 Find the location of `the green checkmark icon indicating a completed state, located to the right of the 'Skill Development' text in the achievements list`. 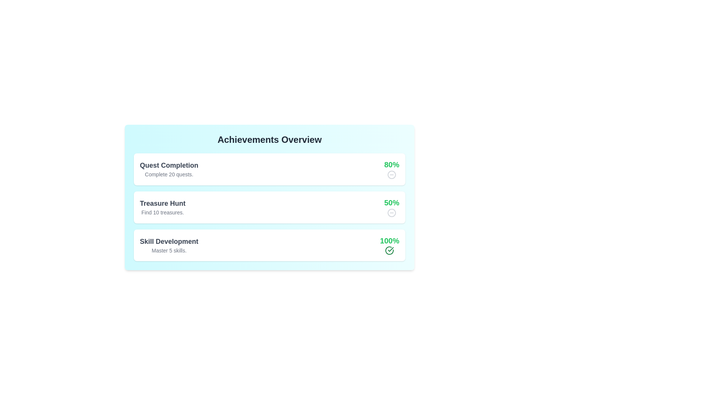

the green checkmark icon indicating a completed state, located to the right of the 'Skill Development' text in the achievements list is located at coordinates (390, 251).